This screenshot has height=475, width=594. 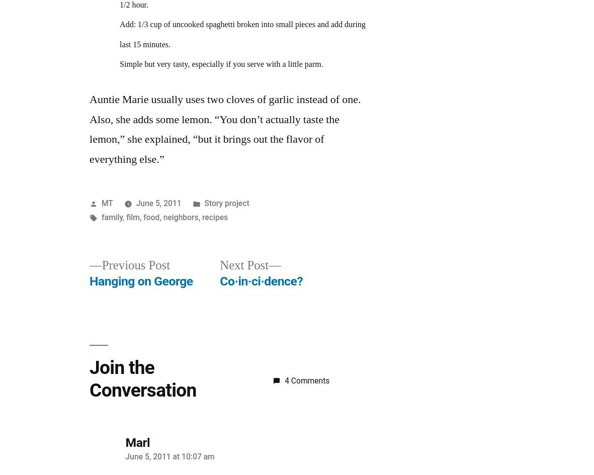 I want to click on 'Add: 1/3 cup of uncooked spaghetti broken into small pieces and add during last 15 minutes.', so click(x=241, y=34).